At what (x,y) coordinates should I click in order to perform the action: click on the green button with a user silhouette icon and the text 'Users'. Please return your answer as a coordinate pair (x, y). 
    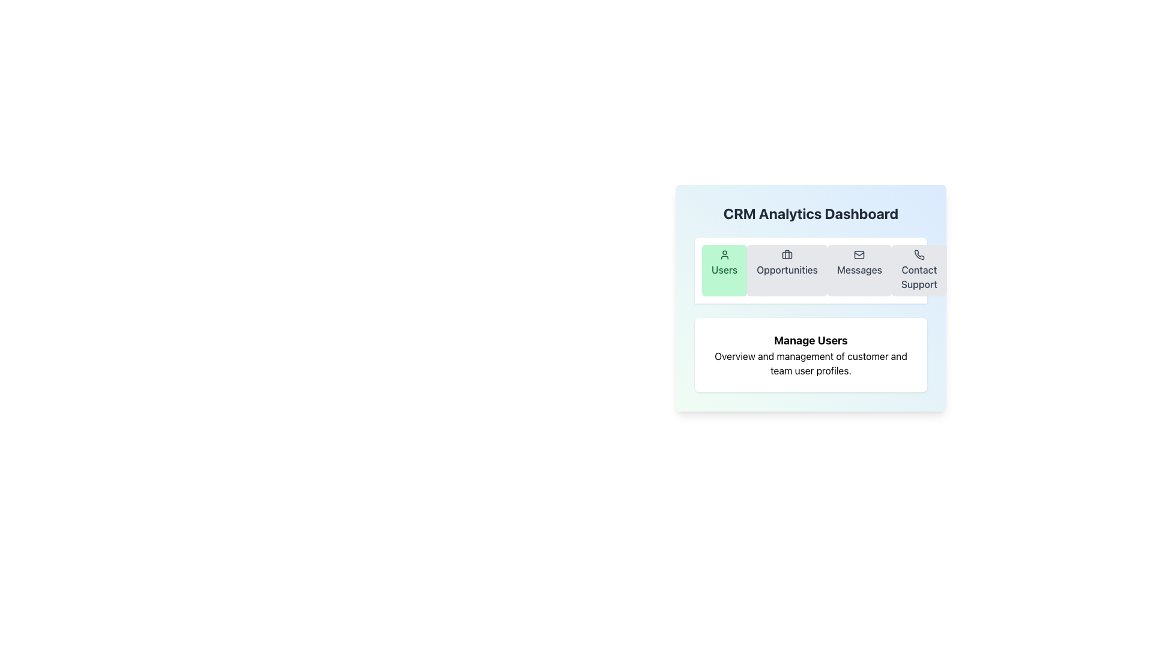
    Looking at the image, I should click on (724, 271).